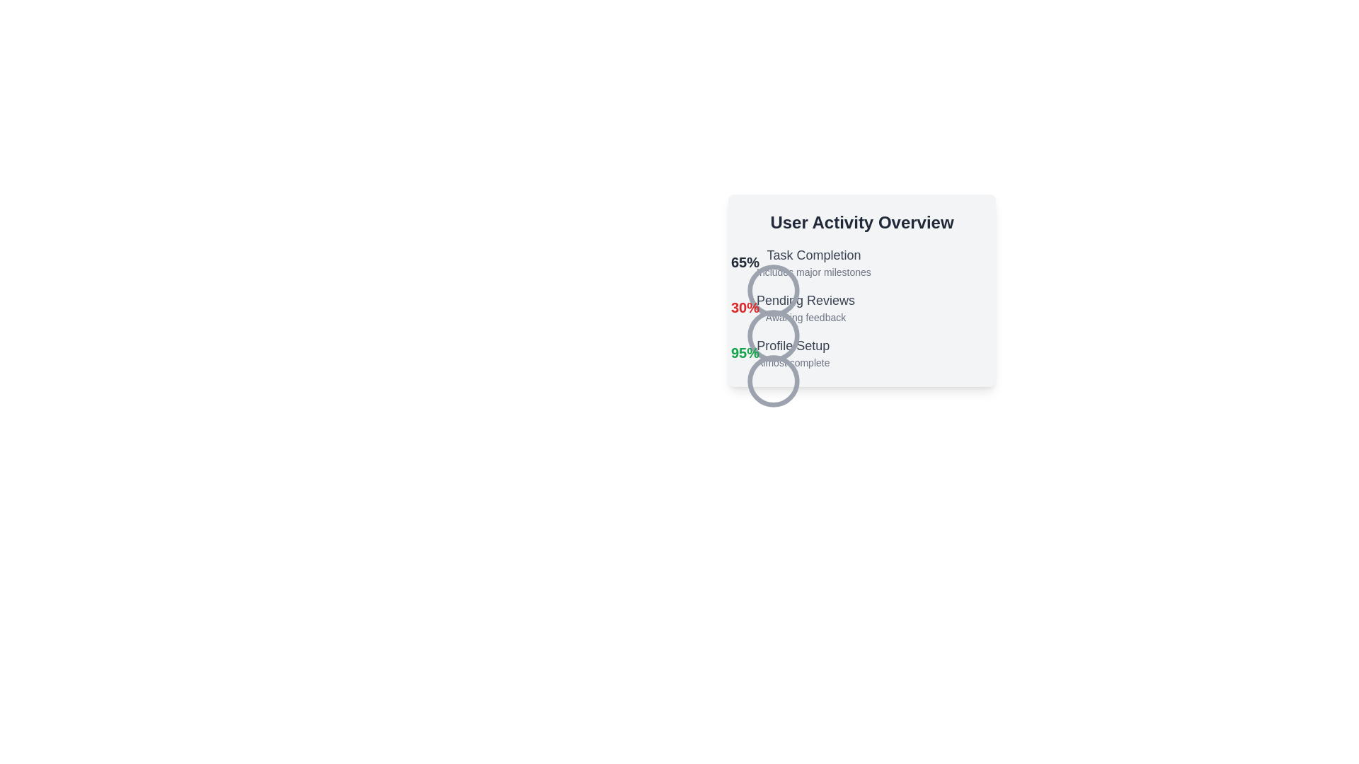  Describe the element at coordinates (793, 352) in the screenshot. I see `the 'Profile Setup' text label, which consists of a larger dark text and a smaller light text indicating that the profile setup is almost complete, located in the 'User Activity Overview' section` at that location.